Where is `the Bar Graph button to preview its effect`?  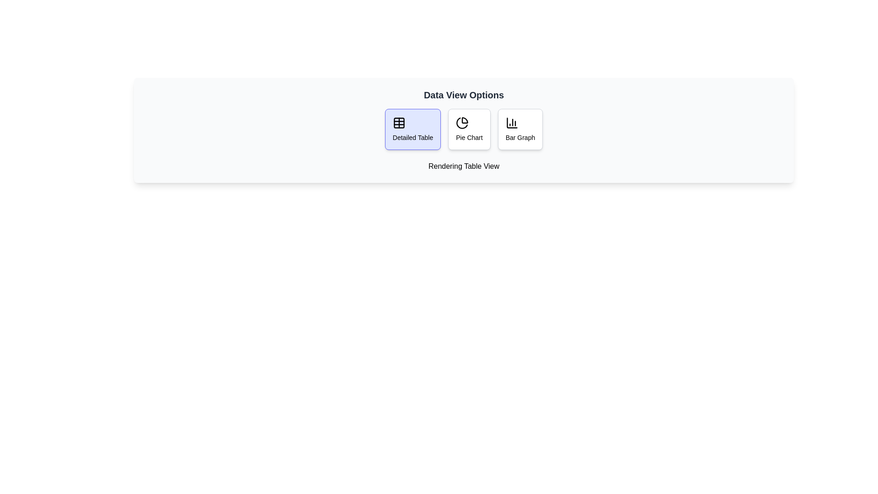
the Bar Graph button to preview its effect is located at coordinates (520, 129).